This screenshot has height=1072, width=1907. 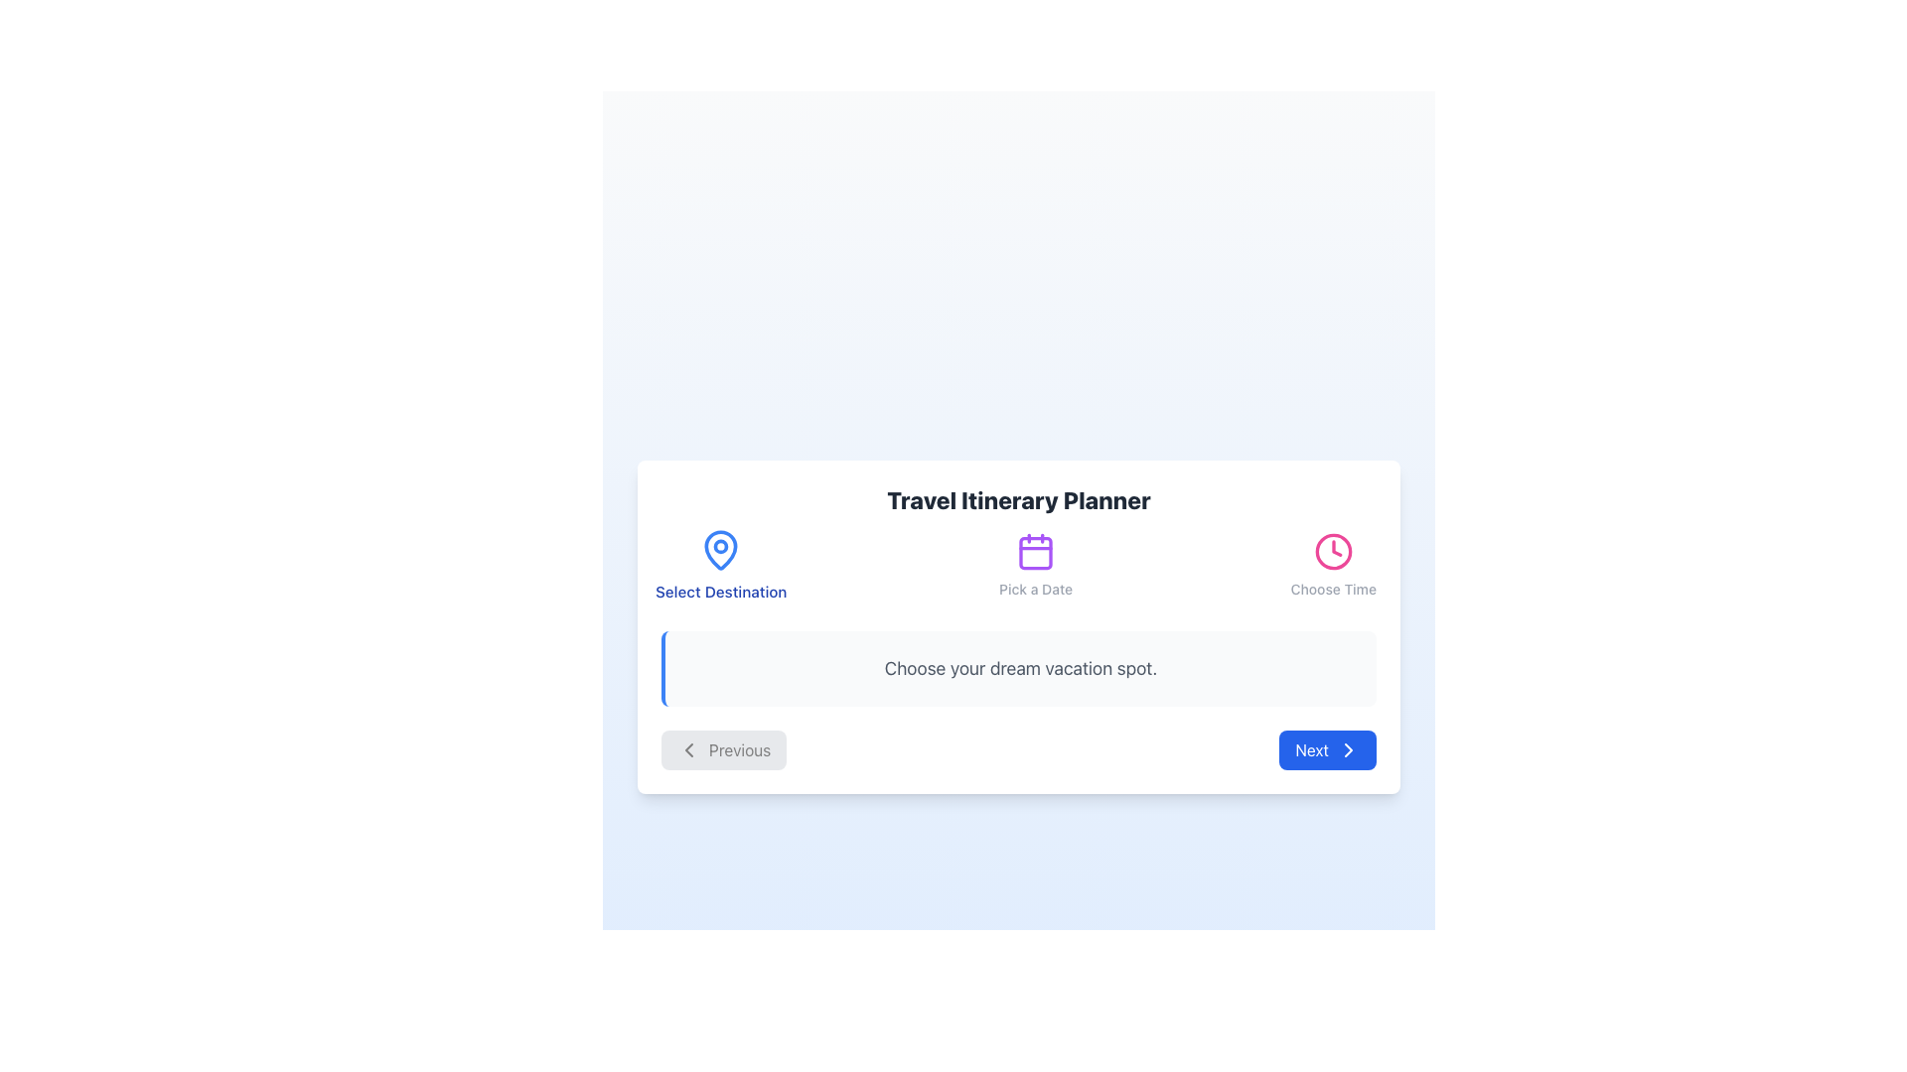 I want to click on the blue 'Next' button with white text and a right-pointing arrow icon located at the bottom-right corner of the interface, so click(x=1328, y=750).